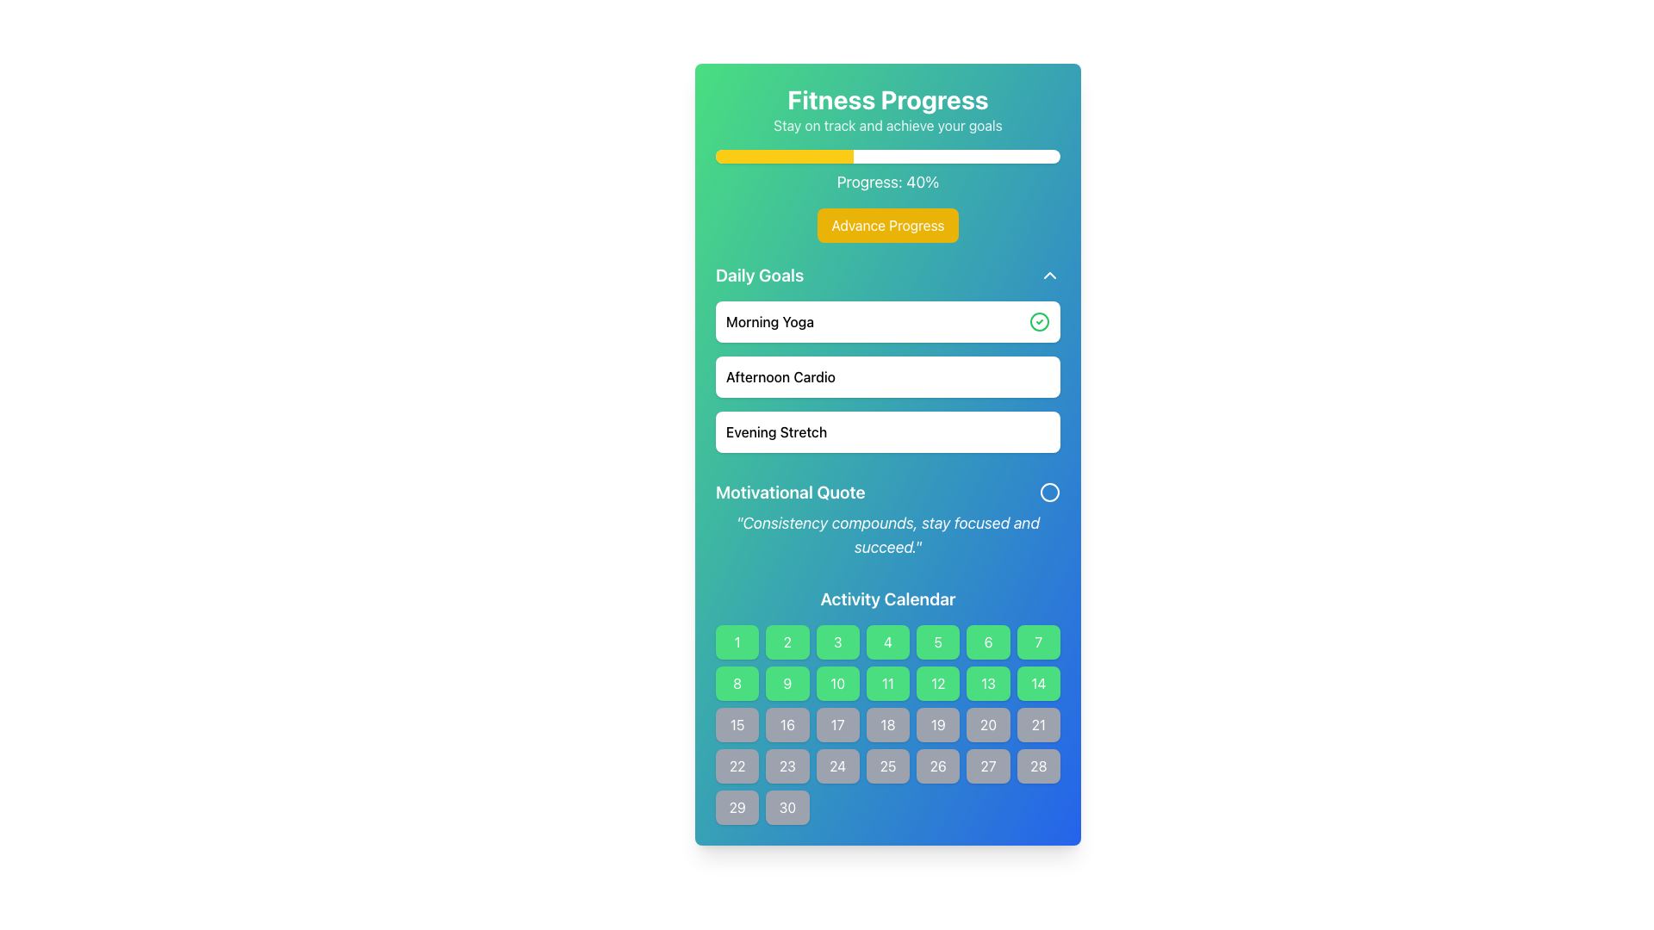 This screenshot has height=930, width=1654. Describe the element at coordinates (988, 642) in the screenshot. I see `the green square button with the number '6' in the 'Activity Calendar' section` at that location.